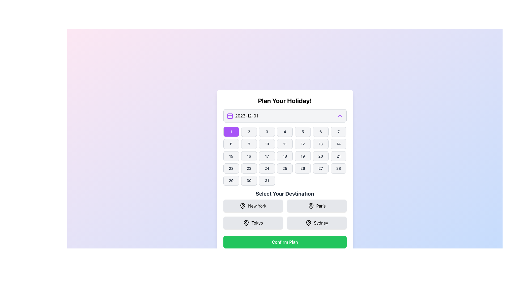 The width and height of the screenshot is (510, 287). What do you see at coordinates (303, 132) in the screenshot?
I see `the button displaying the number '5', which has a rounded rectangular shape, light gray background, black border, and black text, to visualize its style change` at bounding box center [303, 132].